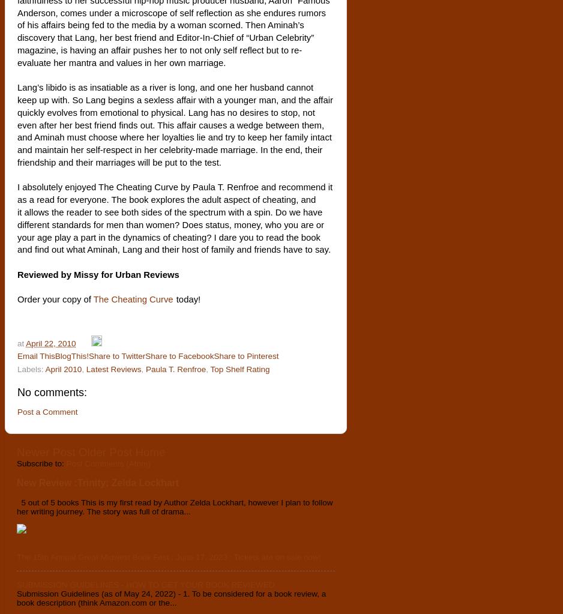 The width and height of the screenshot is (563, 614). Describe the element at coordinates (133, 299) in the screenshot. I see `'The Cheating Curve'` at that location.